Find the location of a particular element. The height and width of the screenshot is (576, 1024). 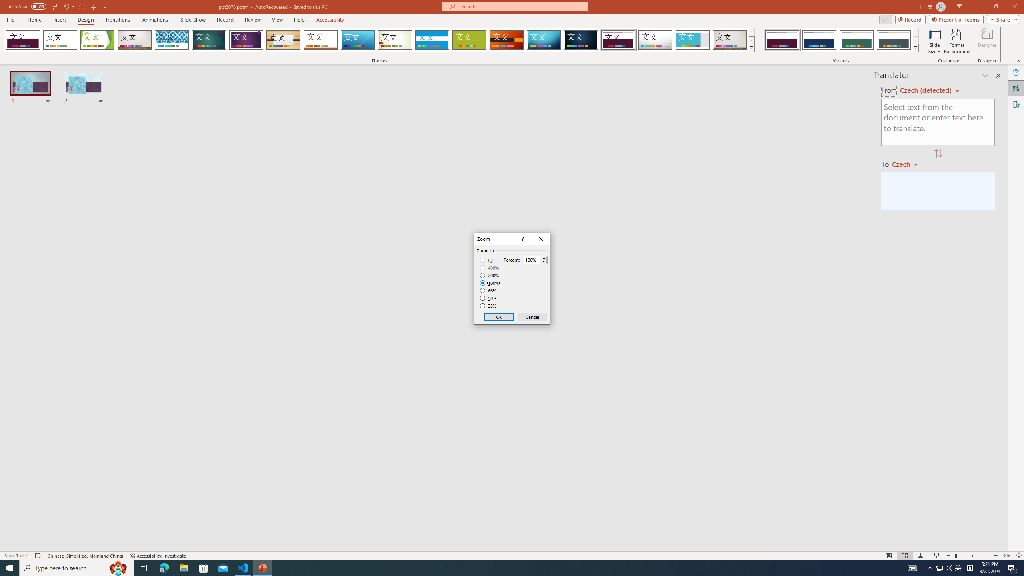

'From Beginning' is located at coordinates (93, 6).